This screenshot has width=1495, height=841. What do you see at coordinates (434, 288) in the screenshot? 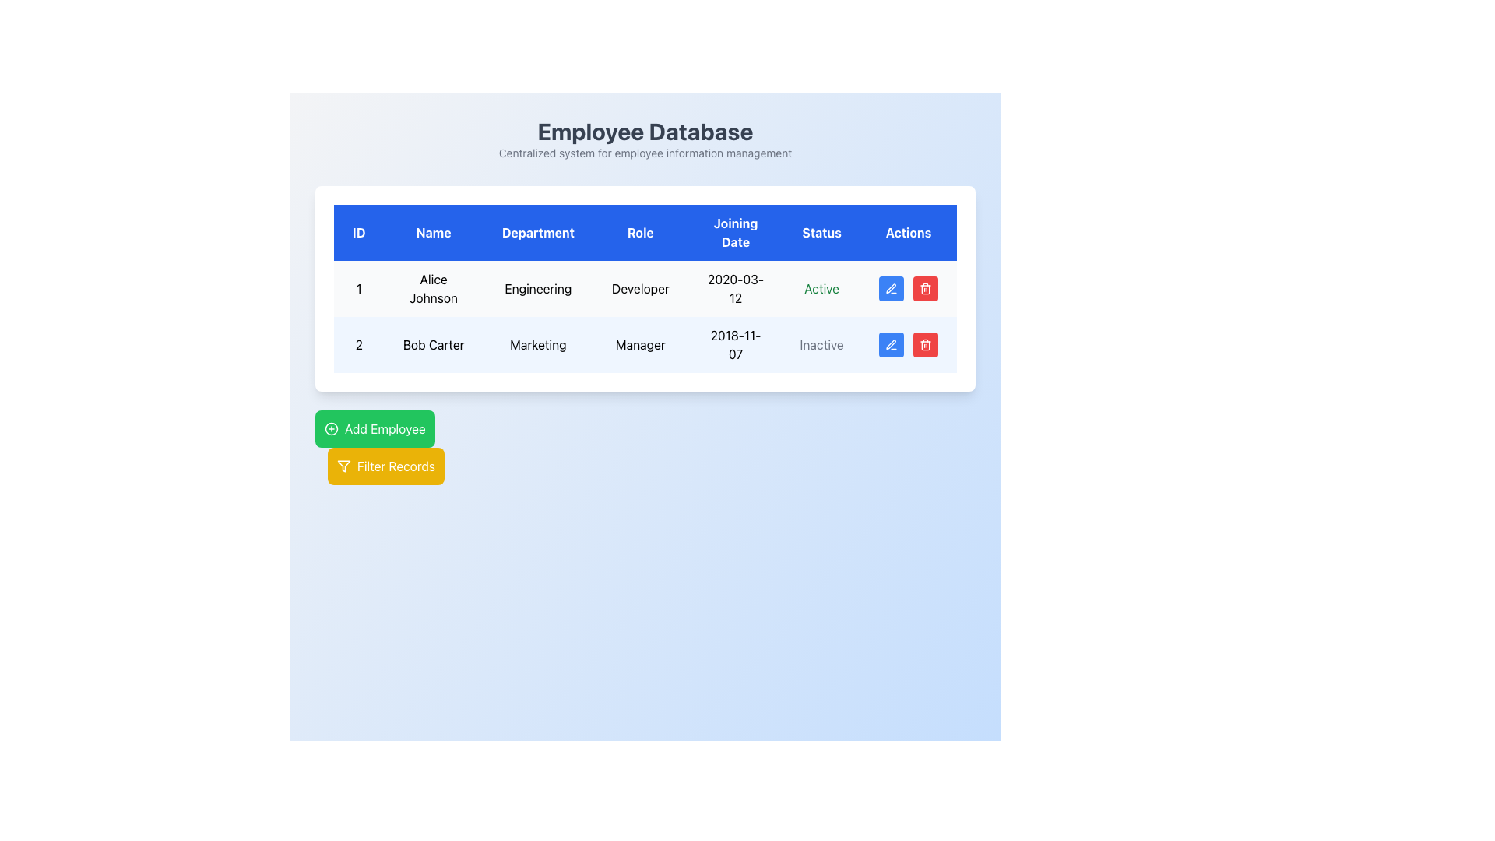
I see `the text label displaying 'Alice Johnson' located in the 'Name' column of the first row in the table` at bounding box center [434, 288].